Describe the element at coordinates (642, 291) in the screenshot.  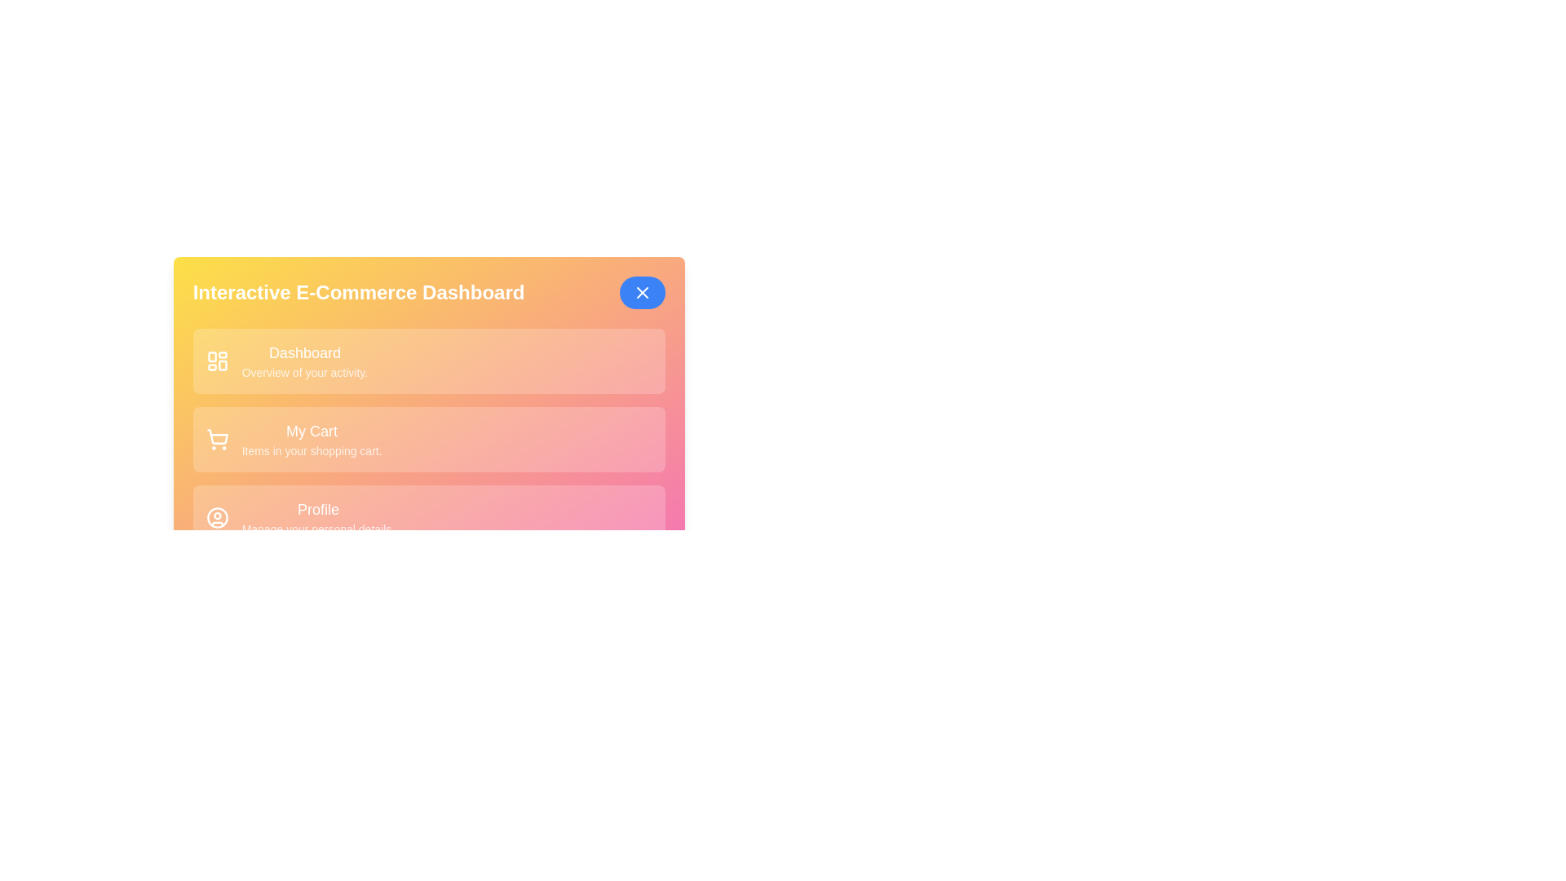
I see `the toggle button to change the menu visibility` at that location.